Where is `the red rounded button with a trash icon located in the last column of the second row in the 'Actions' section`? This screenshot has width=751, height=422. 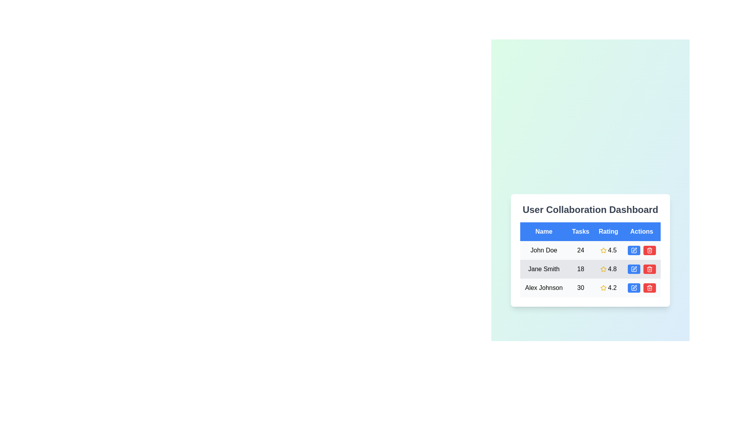
the red rounded button with a trash icon located in the last column of the second row in the 'Actions' section is located at coordinates (649, 269).